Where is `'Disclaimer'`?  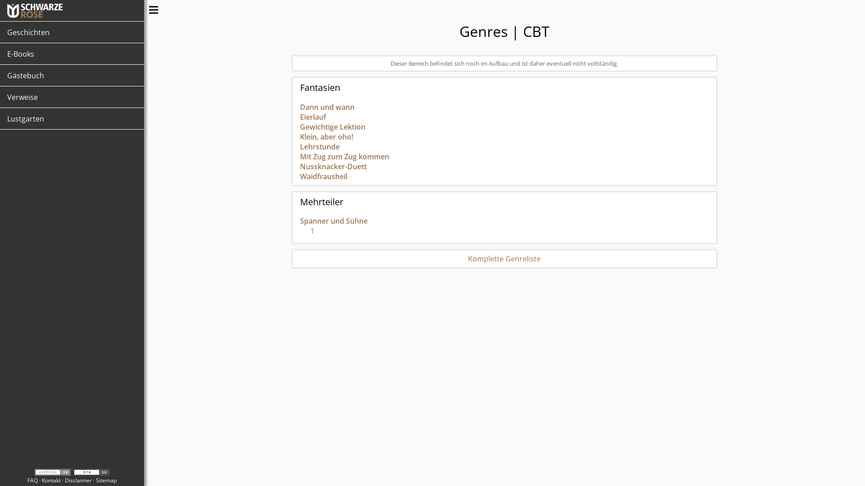 'Disclaimer' is located at coordinates (78, 480).